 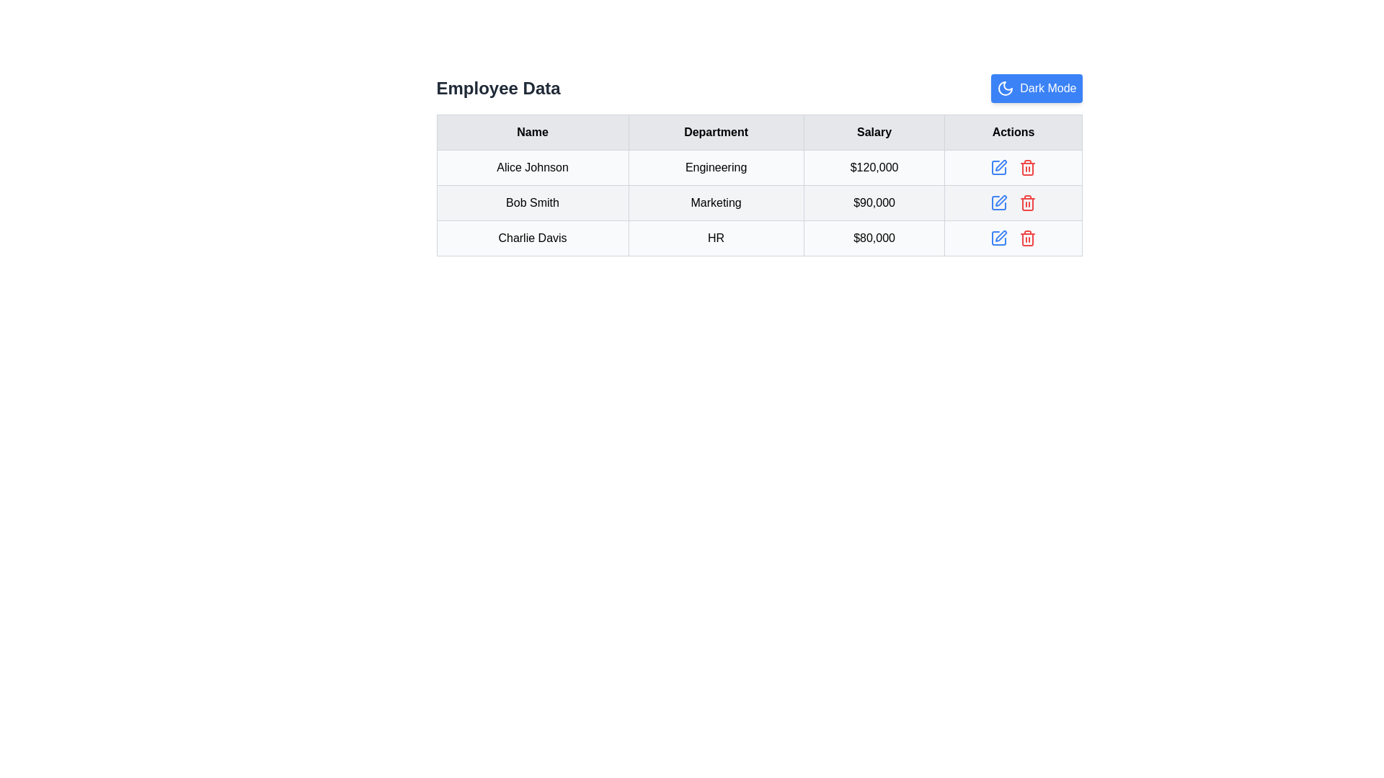 What do you see at coordinates (1026, 202) in the screenshot?
I see `the red delete icon styled as a trash can in the 'Actions' column corresponding to 'Bob Smith'` at bounding box center [1026, 202].